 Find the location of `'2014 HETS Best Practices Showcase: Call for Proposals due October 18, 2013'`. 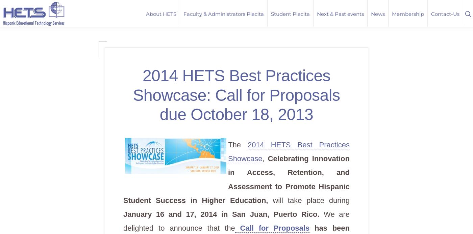

'2014 HETS Best Practices Showcase: Call for Proposals due October 18, 2013' is located at coordinates (236, 95).